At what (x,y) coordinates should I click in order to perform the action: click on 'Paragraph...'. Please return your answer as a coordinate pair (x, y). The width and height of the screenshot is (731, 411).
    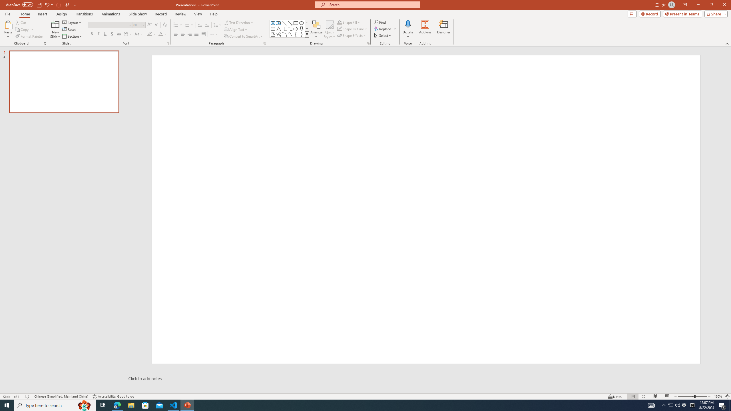
    Looking at the image, I should click on (264, 43).